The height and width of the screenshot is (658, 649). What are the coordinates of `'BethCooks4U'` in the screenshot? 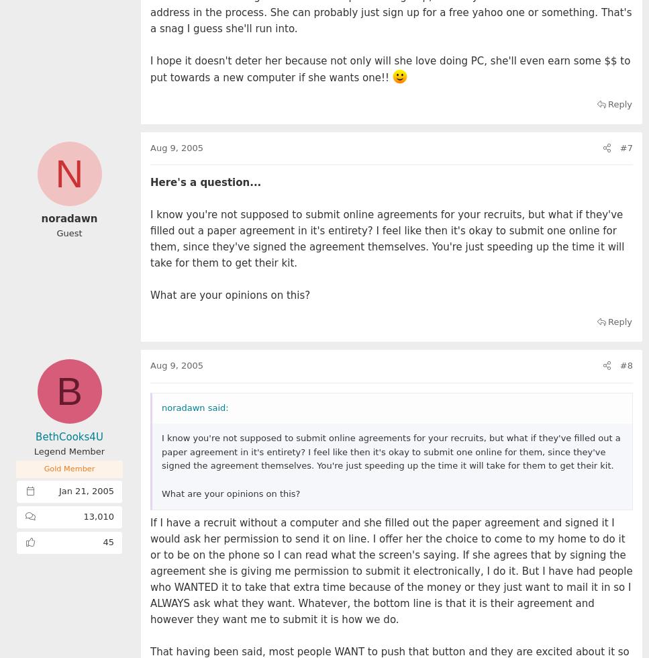 It's located at (68, 436).